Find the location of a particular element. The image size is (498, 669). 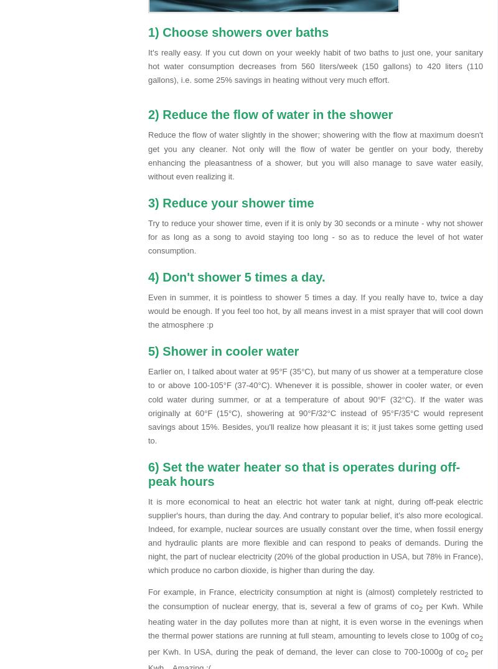

'5) Shower in cooler water' is located at coordinates (223, 350).